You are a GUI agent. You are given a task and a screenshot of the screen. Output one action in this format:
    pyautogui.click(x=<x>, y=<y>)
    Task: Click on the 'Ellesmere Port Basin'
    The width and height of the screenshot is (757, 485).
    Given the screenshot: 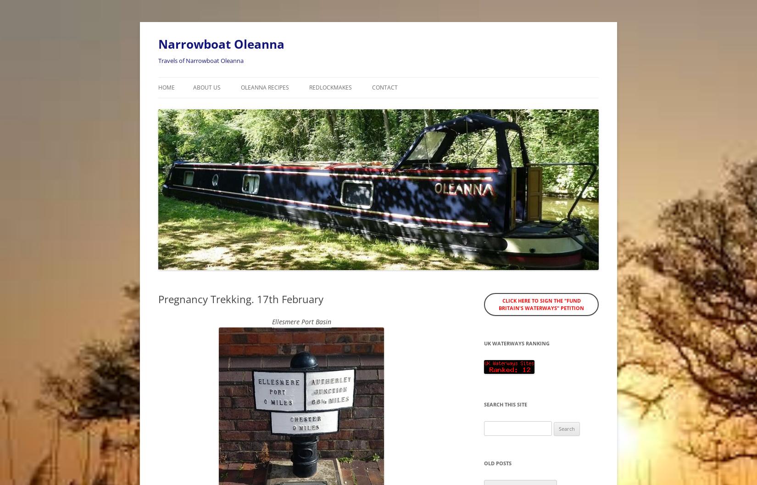 What is the action you would take?
    pyautogui.click(x=301, y=321)
    